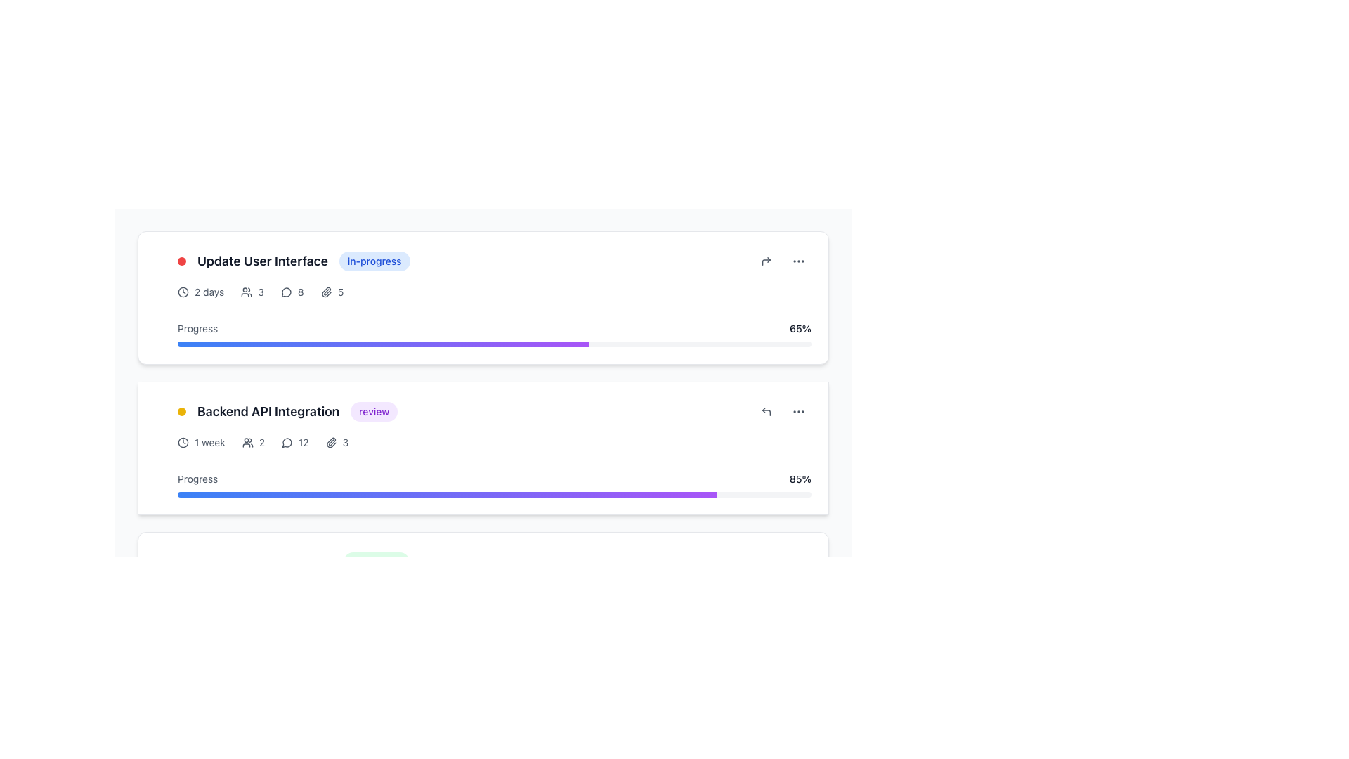  I want to click on progress, so click(441, 344).